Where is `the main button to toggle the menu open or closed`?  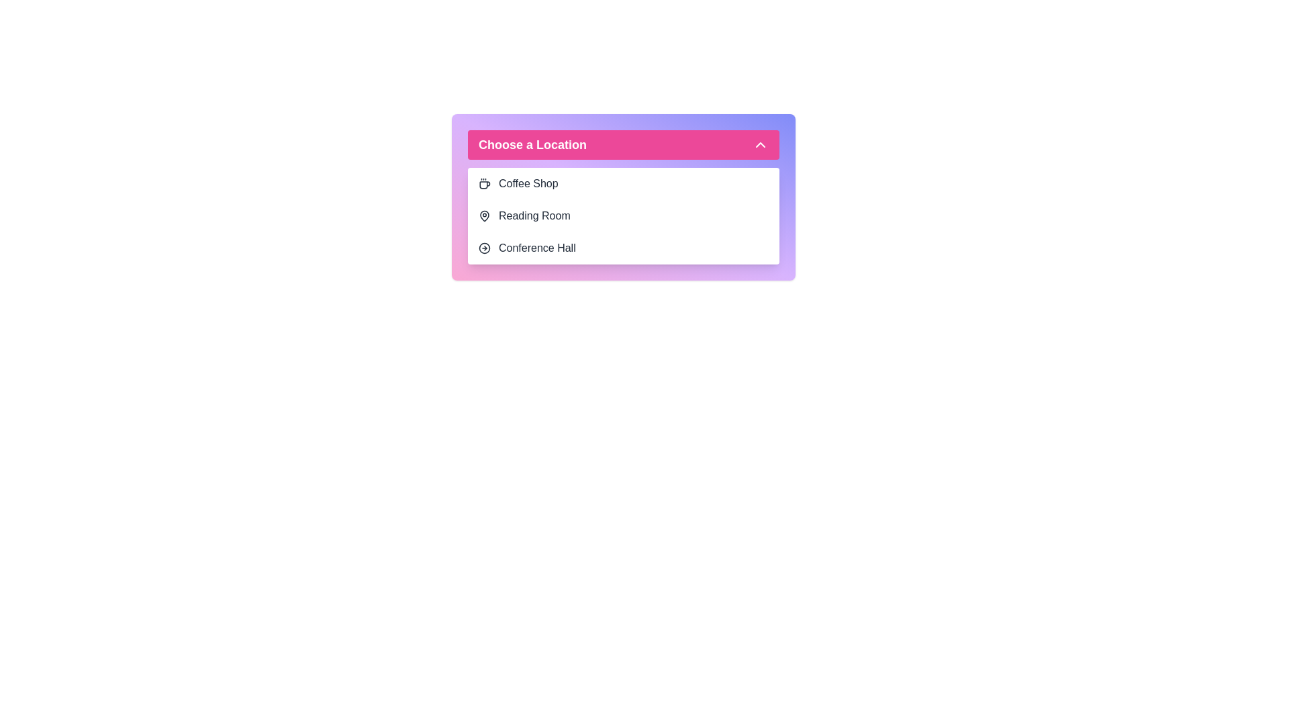
the main button to toggle the menu open or closed is located at coordinates (623, 145).